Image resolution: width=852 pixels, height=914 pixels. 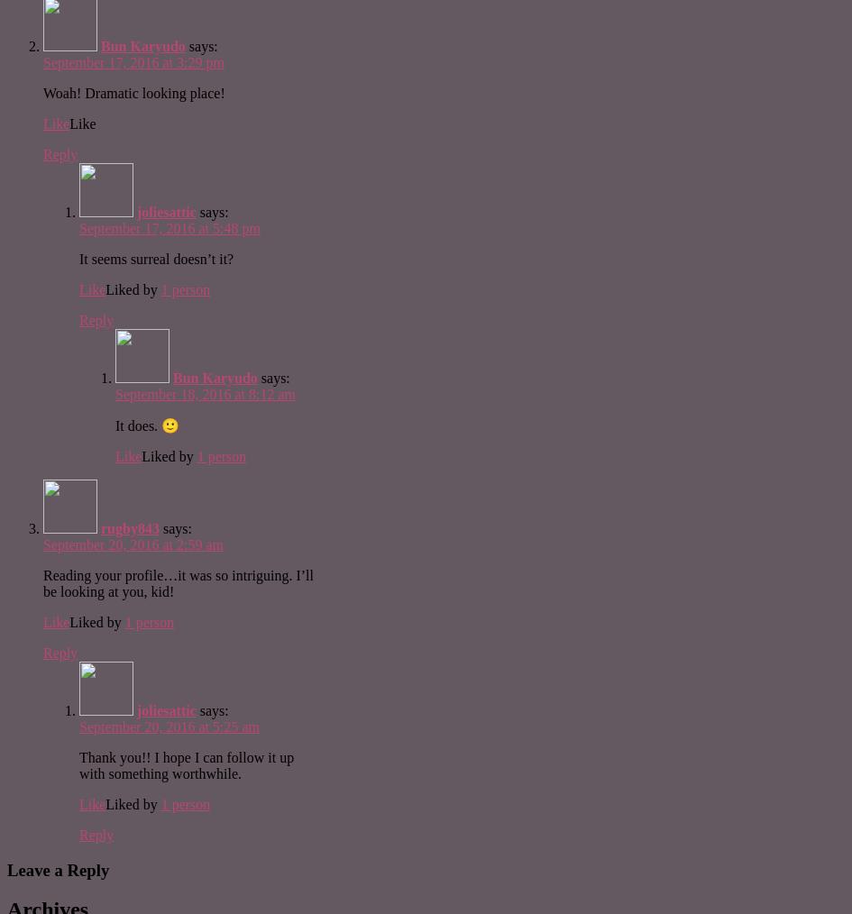 What do you see at coordinates (147, 425) in the screenshot?
I see `'It does.  🙂'` at bounding box center [147, 425].